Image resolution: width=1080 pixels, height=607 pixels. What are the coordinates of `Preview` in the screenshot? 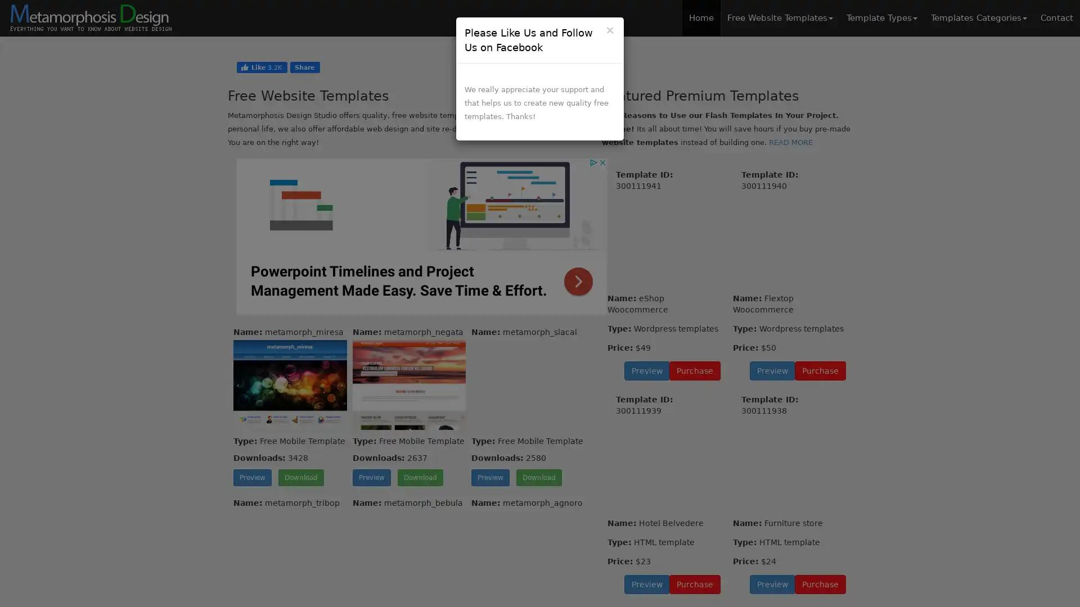 It's located at (771, 584).